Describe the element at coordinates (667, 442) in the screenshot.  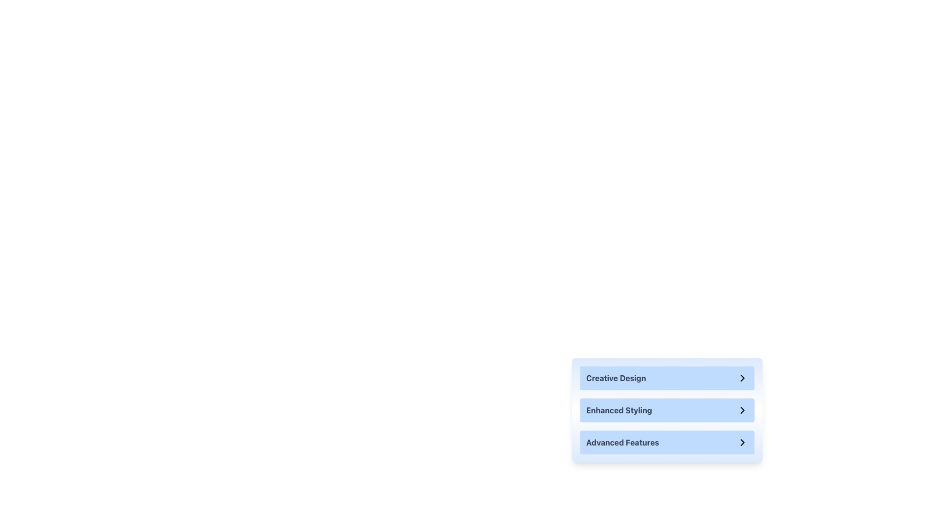
I see `the list item labeled 'Advanced Features' with a bold gray font on a blue background` at that location.